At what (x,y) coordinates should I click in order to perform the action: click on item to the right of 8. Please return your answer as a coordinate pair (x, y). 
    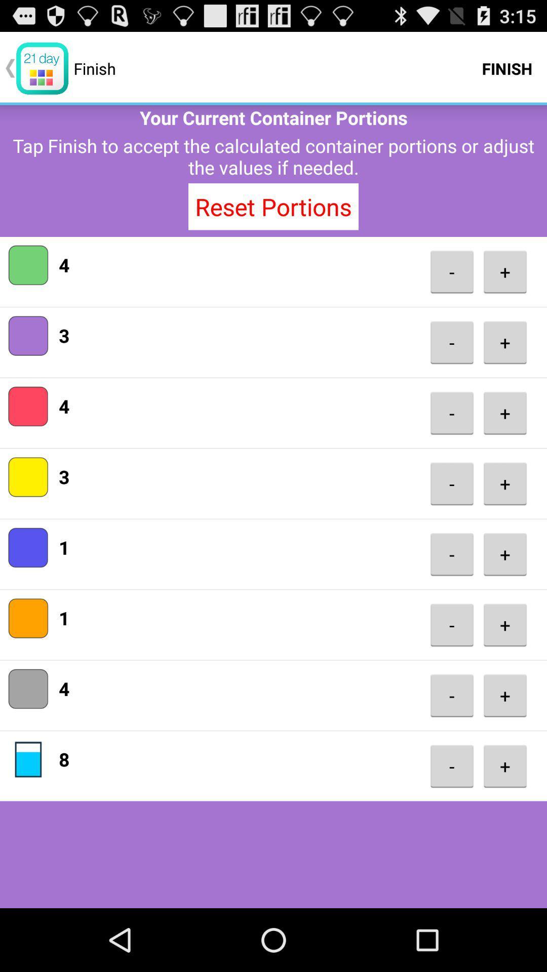
    Looking at the image, I should click on (451, 766).